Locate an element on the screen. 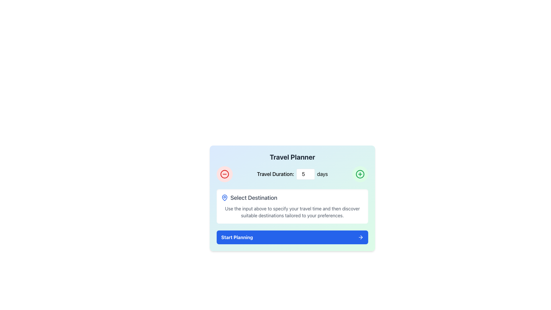 The height and width of the screenshot is (310, 551). the static text displaying the message 'Use the input above to specify your travel time and then discover suitable destinations tailored to your preferences.' located underneath the 'Select Destination' header is located at coordinates (292, 212).